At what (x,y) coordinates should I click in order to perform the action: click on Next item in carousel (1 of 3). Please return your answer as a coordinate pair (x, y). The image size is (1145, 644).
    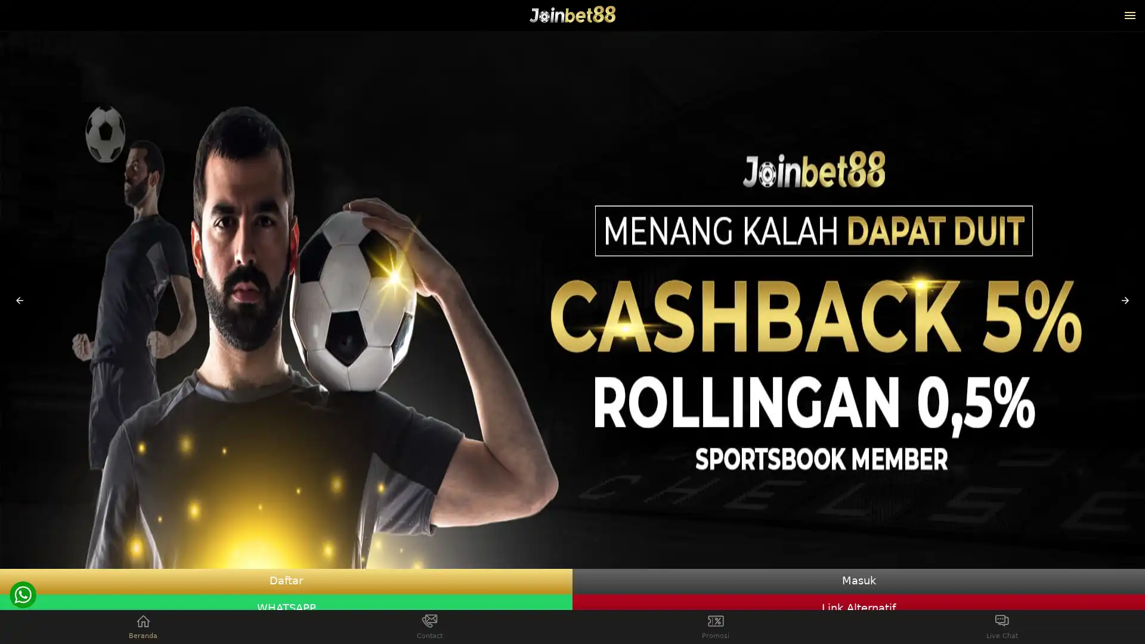
    Looking at the image, I should click on (1124, 300).